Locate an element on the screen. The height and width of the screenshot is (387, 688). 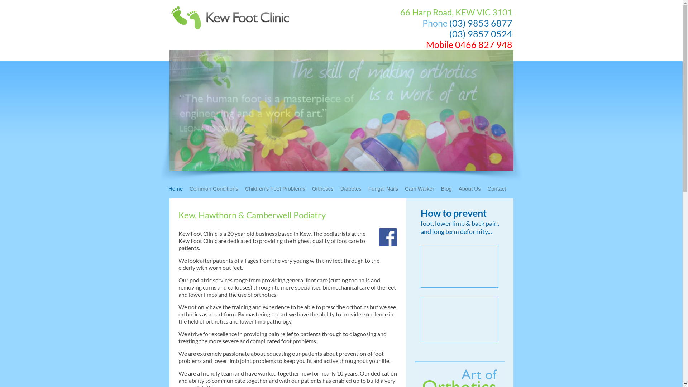
'Diabetes' is located at coordinates (354, 190).